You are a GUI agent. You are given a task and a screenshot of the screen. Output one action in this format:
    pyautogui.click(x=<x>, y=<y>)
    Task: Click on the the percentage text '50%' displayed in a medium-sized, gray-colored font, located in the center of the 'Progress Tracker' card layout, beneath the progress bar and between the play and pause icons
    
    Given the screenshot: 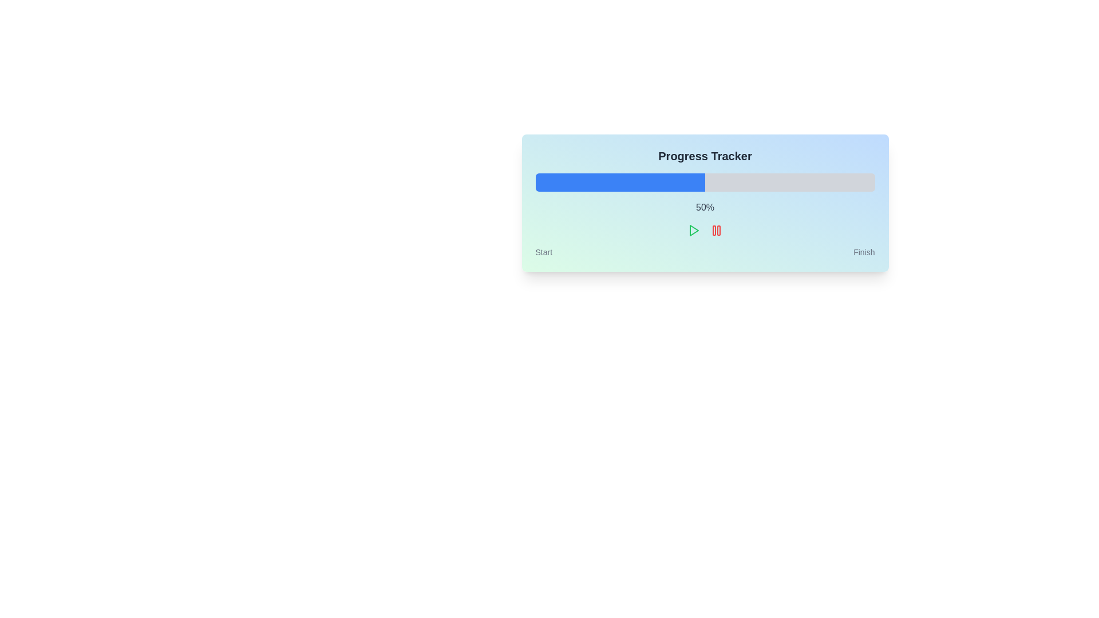 What is the action you would take?
    pyautogui.click(x=705, y=207)
    